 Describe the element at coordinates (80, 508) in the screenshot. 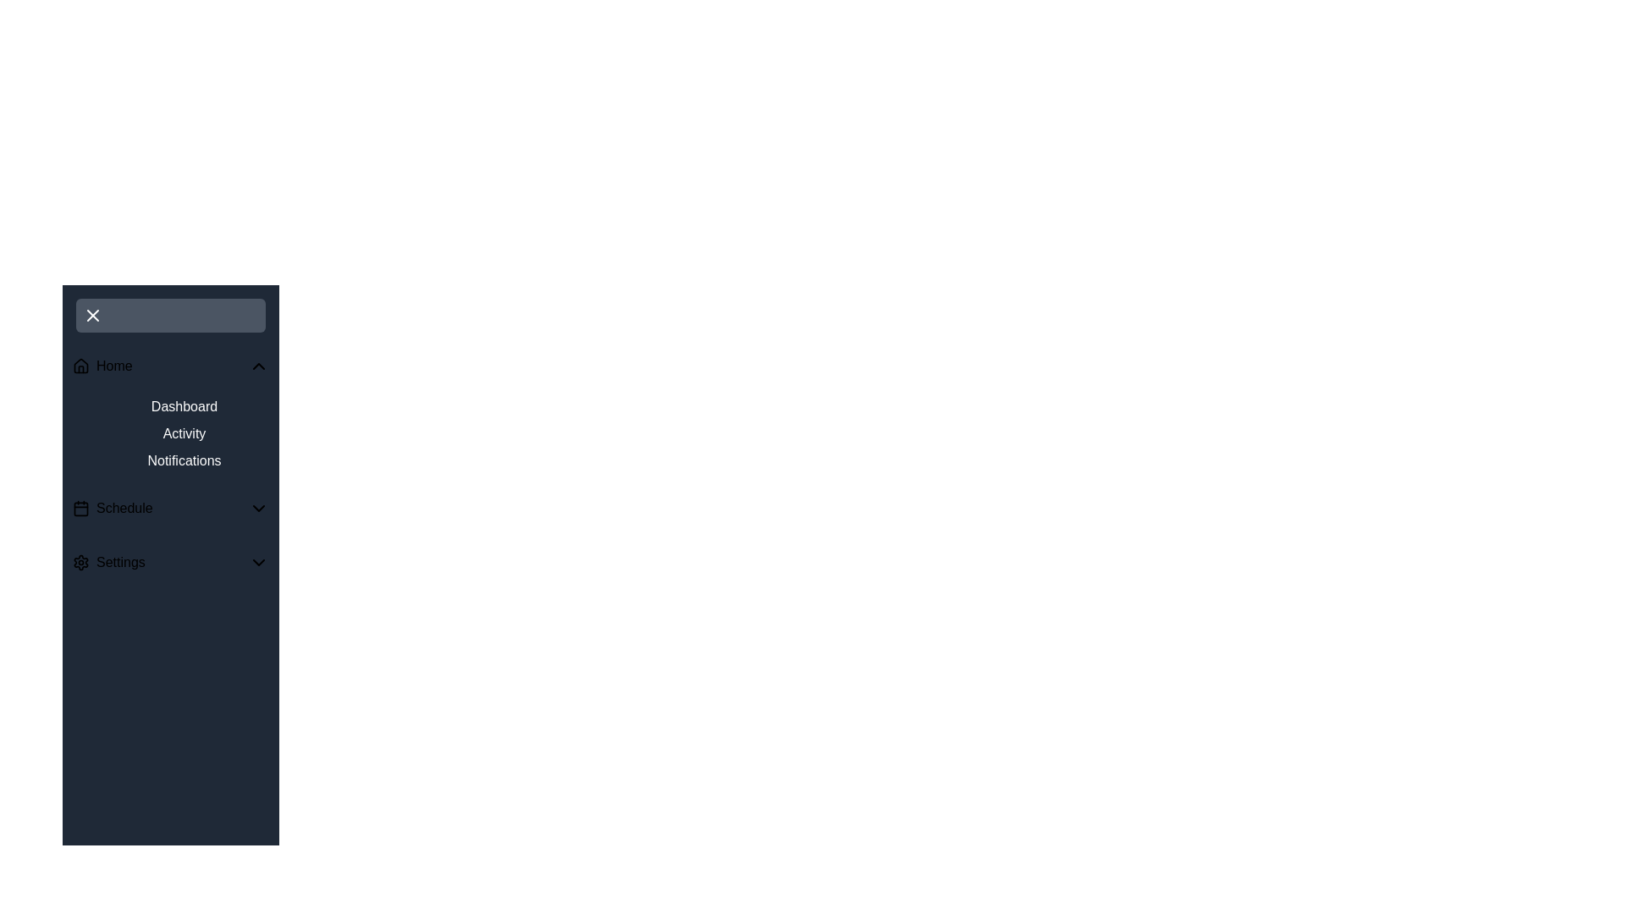

I see `the 'Schedule' icon, which visually represents the 'Schedule' menu item and is positioned to the left of the text 'Schedule'` at that location.